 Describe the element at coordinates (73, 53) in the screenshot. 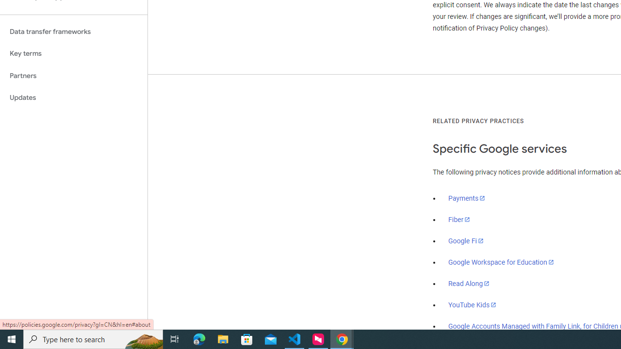

I see `'Key terms'` at that location.